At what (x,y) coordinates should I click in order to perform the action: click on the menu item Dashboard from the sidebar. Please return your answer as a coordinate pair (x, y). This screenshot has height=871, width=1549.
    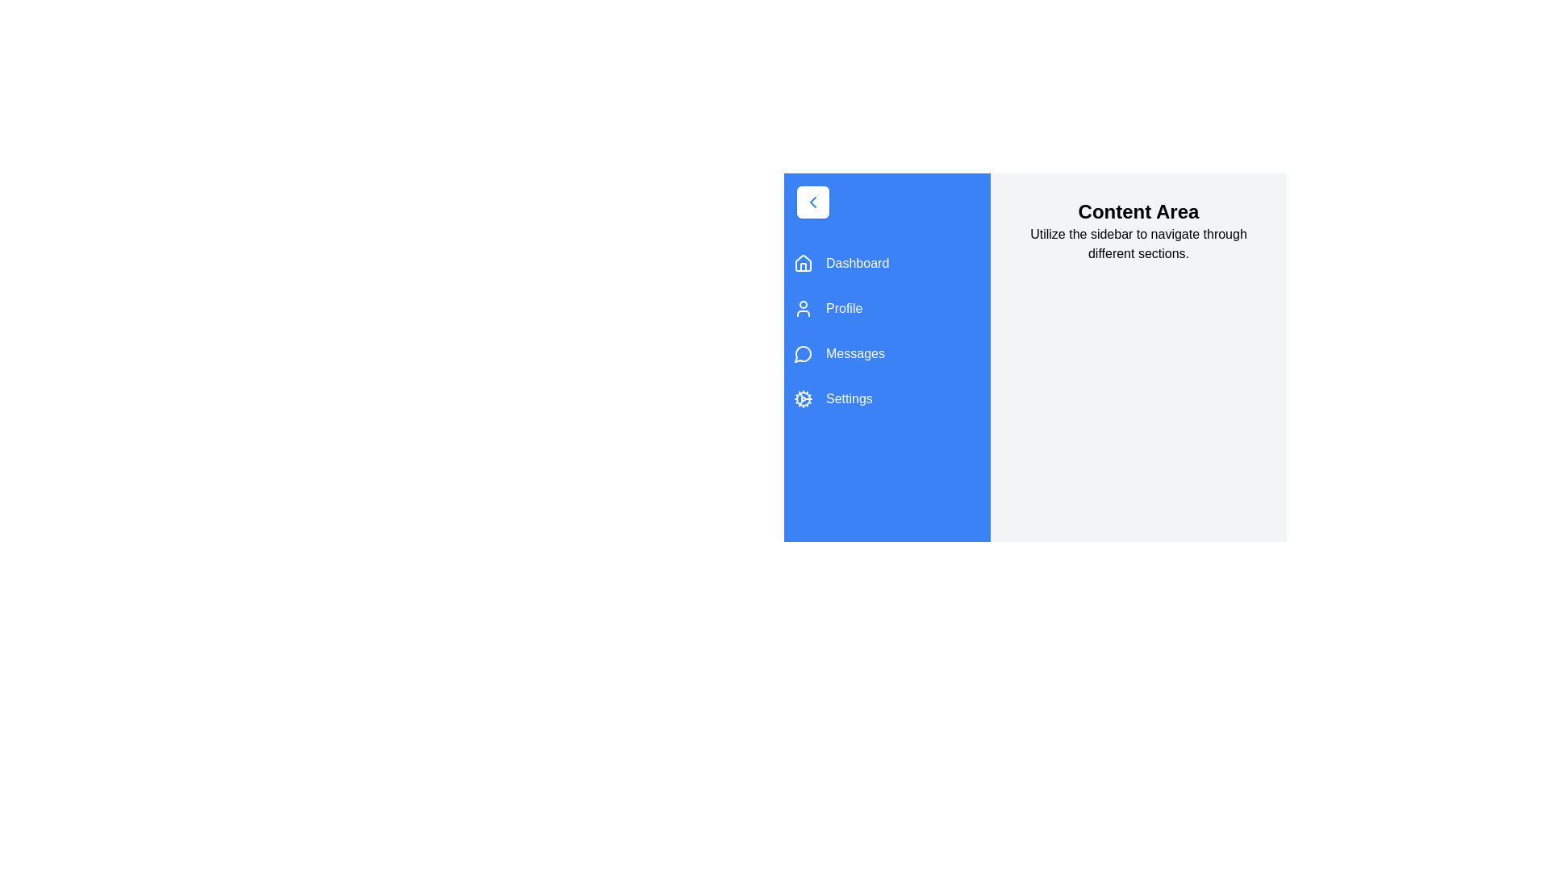
    Looking at the image, I should click on (886, 263).